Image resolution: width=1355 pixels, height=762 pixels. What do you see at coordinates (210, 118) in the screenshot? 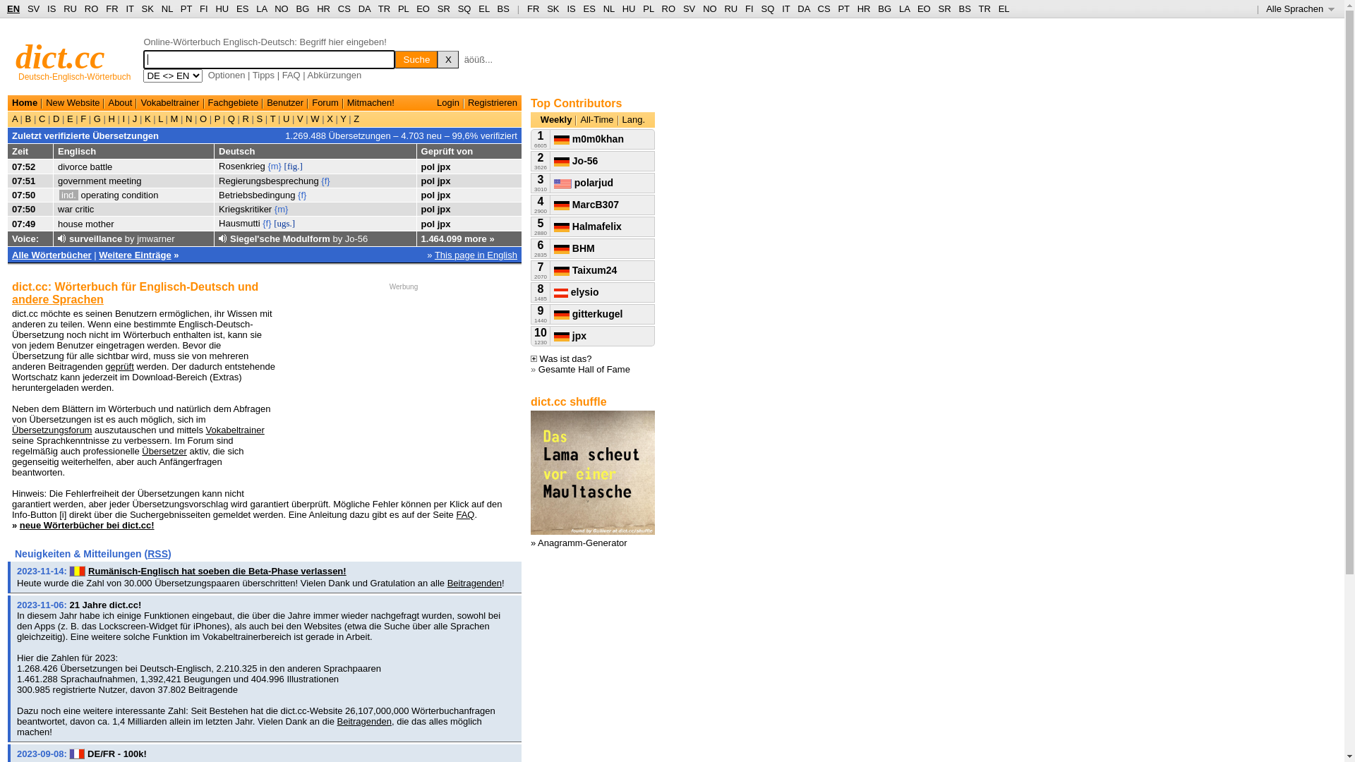
I see `'P'` at bounding box center [210, 118].